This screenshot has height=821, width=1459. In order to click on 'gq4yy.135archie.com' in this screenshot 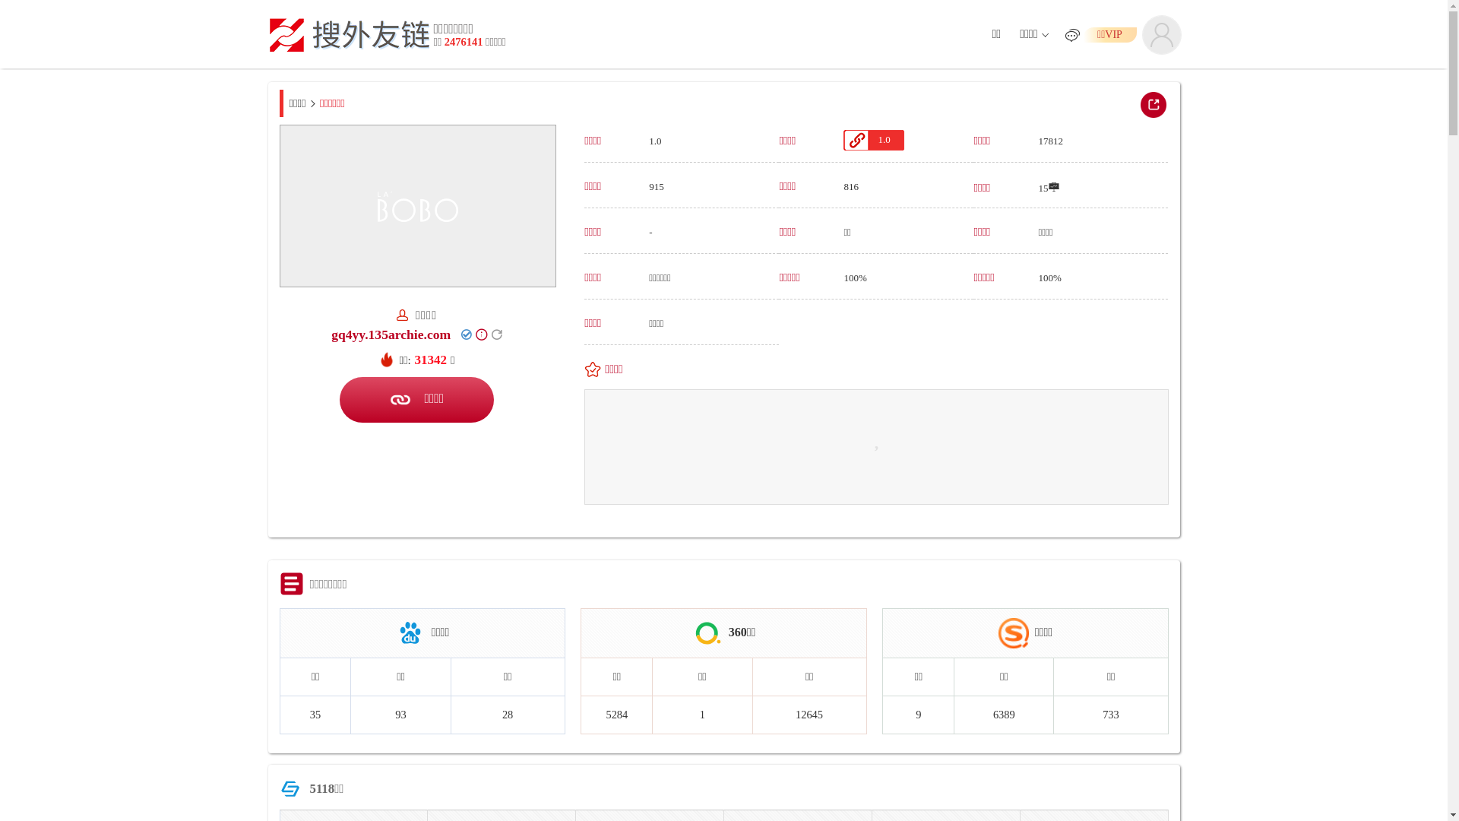, I will do `click(391, 333)`.